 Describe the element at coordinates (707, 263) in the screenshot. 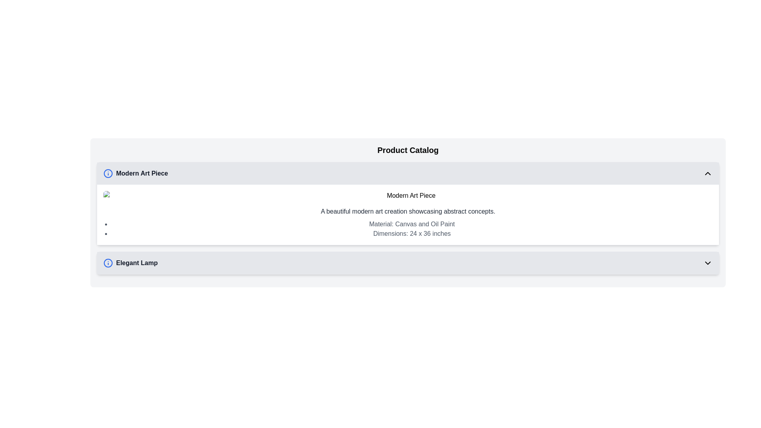

I see `the downward-facing chevron icon located on the right edge of the 'Elegant Lamp' section` at that location.